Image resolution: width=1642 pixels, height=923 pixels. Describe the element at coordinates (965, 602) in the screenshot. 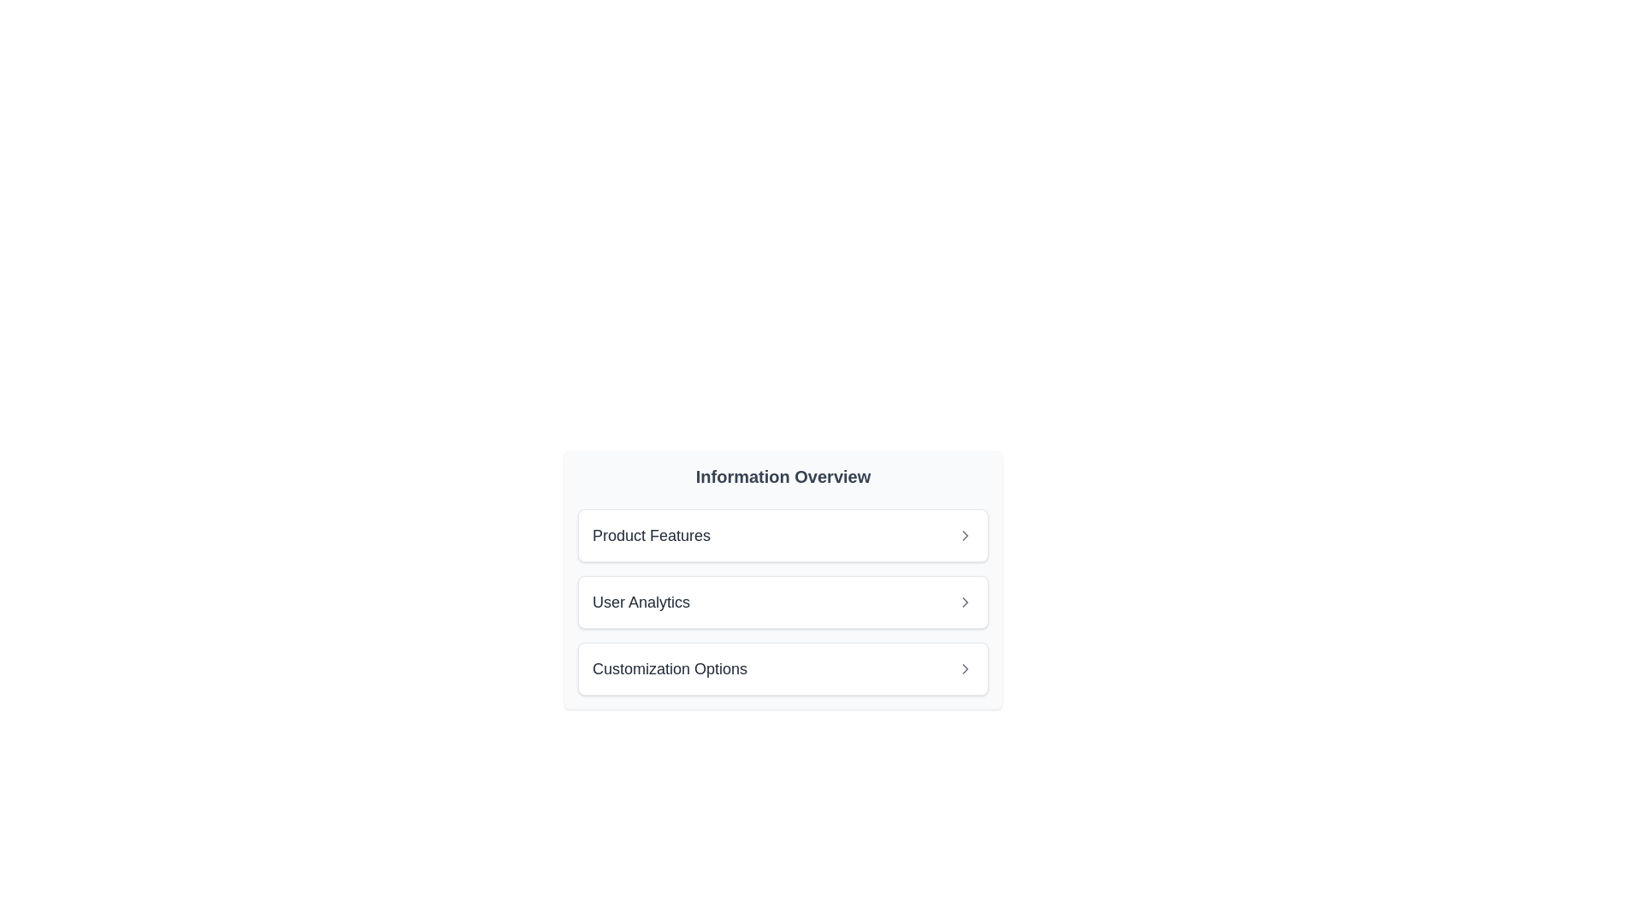

I see `the icon located at the far-right end of the 'User Analytics' list item` at that location.